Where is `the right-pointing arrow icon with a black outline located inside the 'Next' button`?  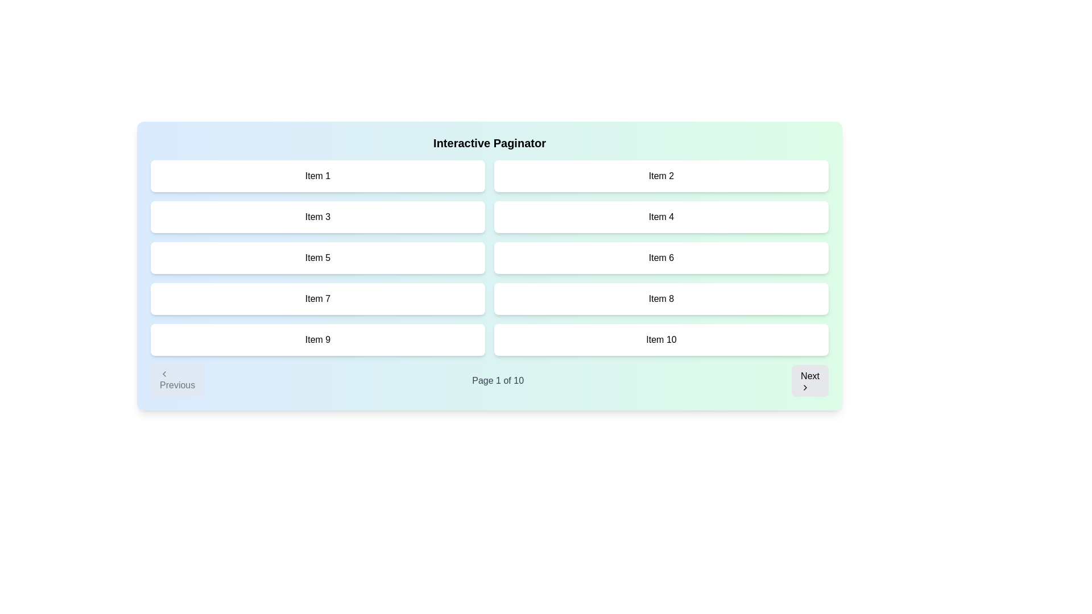
the right-pointing arrow icon with a black outline located inside the 'Next' button is located at coordinates (805, 387).